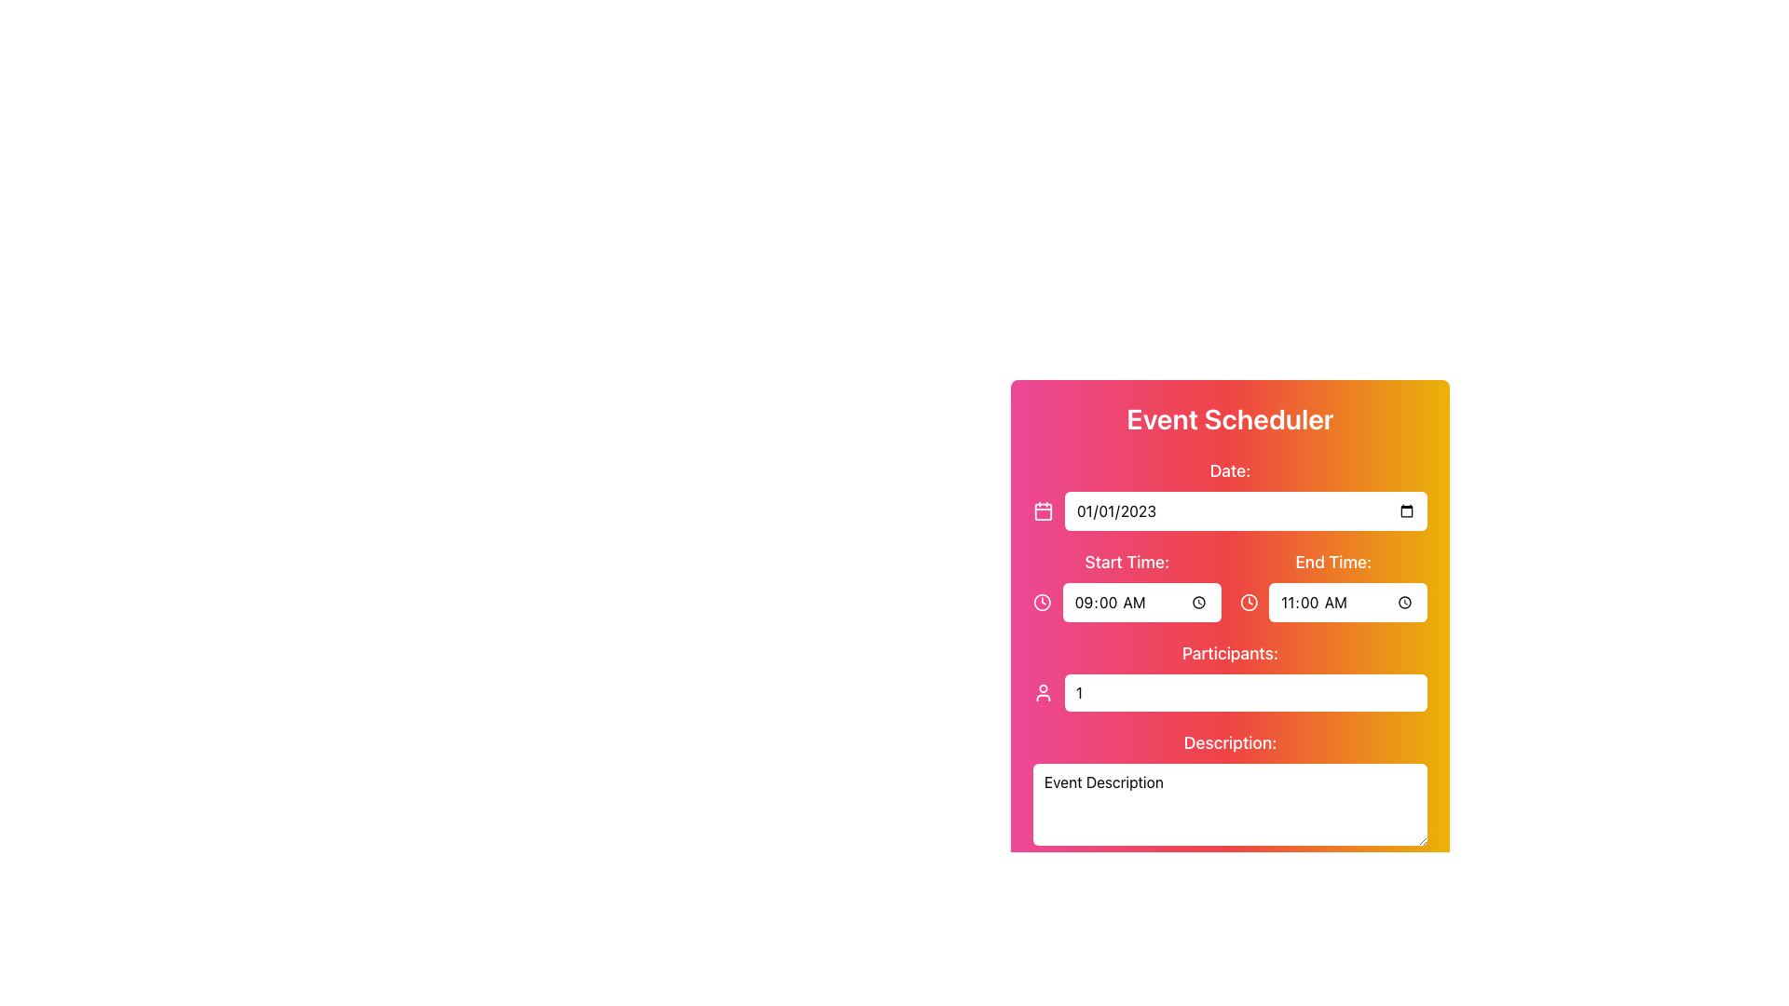  I want to click on the calendar icon that indicates the purpose of the adjacent date input field, located in the 'Date' section of the scheduler interface, so click(1042, 510).